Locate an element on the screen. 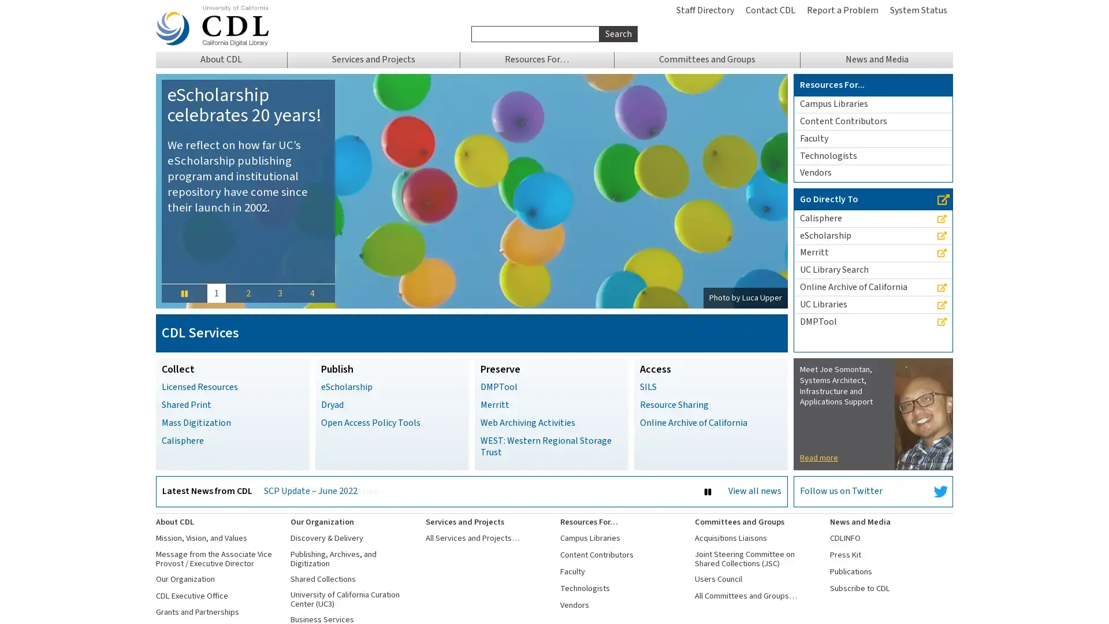  pause is located at coordinates (183, 292).